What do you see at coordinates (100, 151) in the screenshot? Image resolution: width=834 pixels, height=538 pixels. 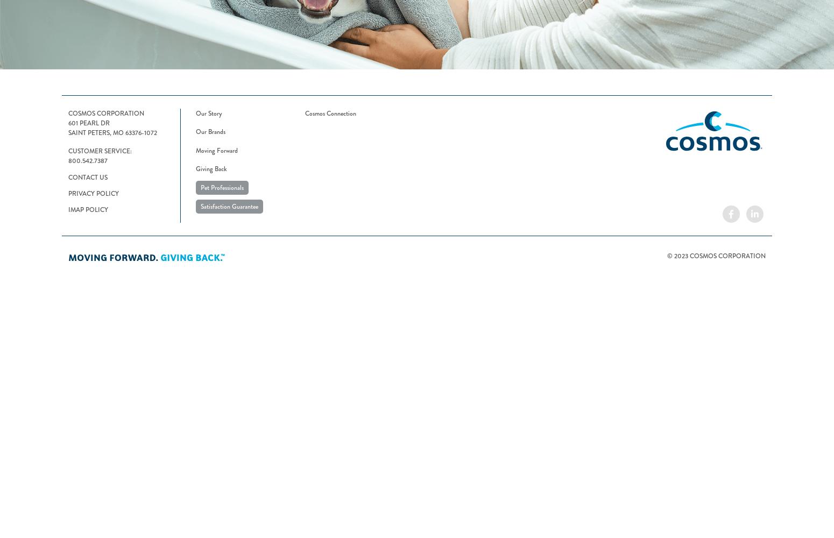 I see `'Customer Service:'` at bounding box center [100, 151].